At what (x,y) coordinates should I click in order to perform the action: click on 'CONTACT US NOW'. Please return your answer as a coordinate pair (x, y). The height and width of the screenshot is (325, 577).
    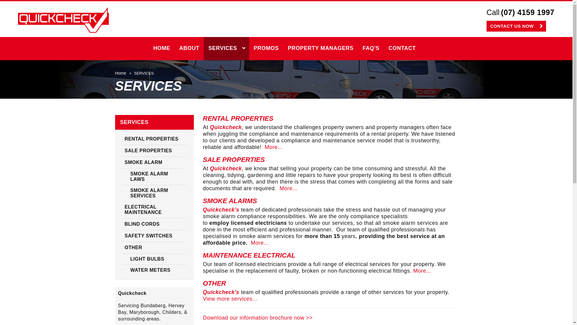
    Looking at the image, I should click on (516, 26).